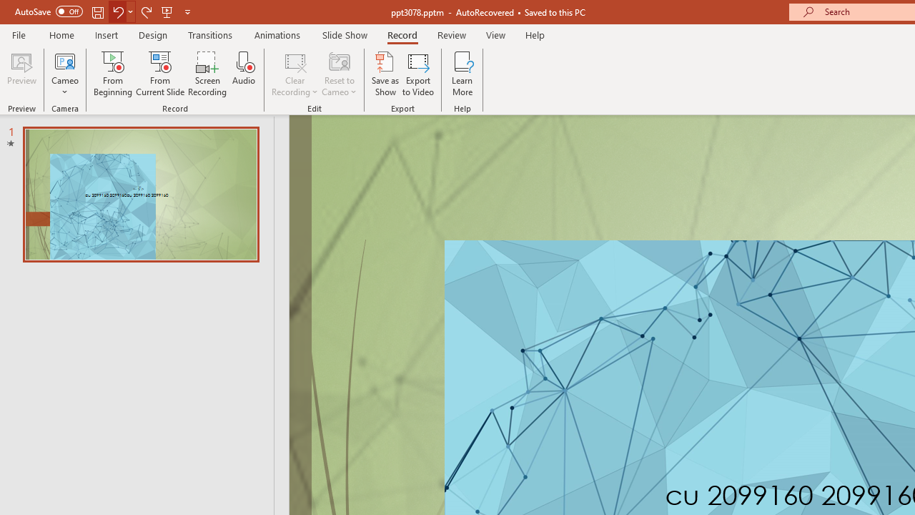 The image size is (915, 515). Describe the element at coordinates (112, 74) in the screenshot. I see `'From Beginning...'` at that location.